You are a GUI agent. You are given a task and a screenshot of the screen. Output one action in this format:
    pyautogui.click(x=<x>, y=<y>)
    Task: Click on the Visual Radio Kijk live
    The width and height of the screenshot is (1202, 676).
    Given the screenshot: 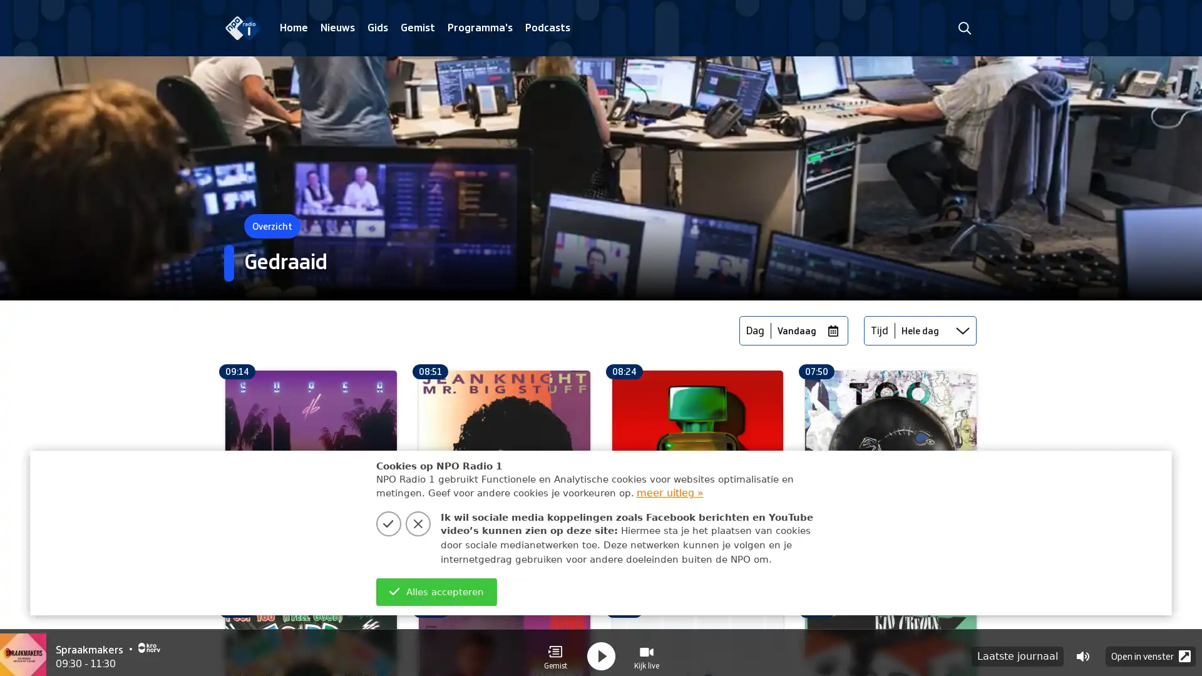 What is the action you would take?
    pyautogui.click(x=646, y=648)
    